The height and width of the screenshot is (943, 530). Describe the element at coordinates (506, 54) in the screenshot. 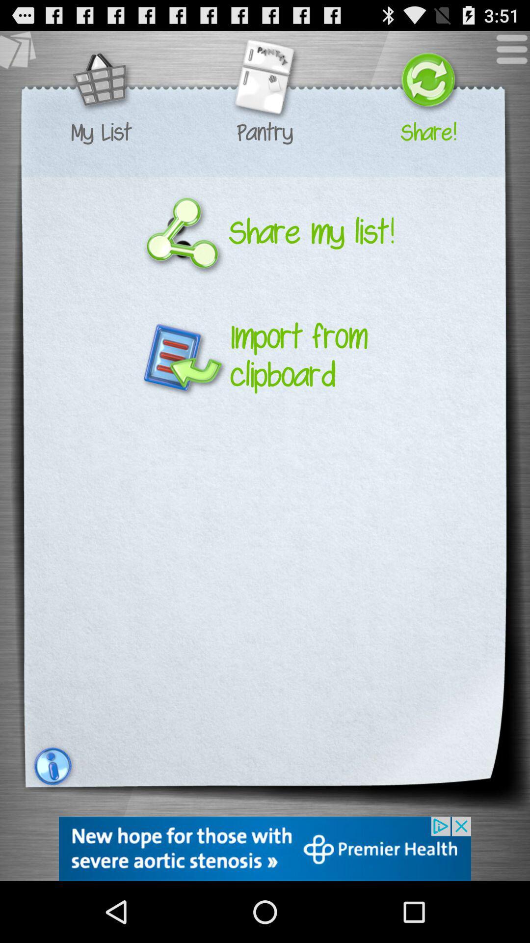

I see `menu option` at that location.